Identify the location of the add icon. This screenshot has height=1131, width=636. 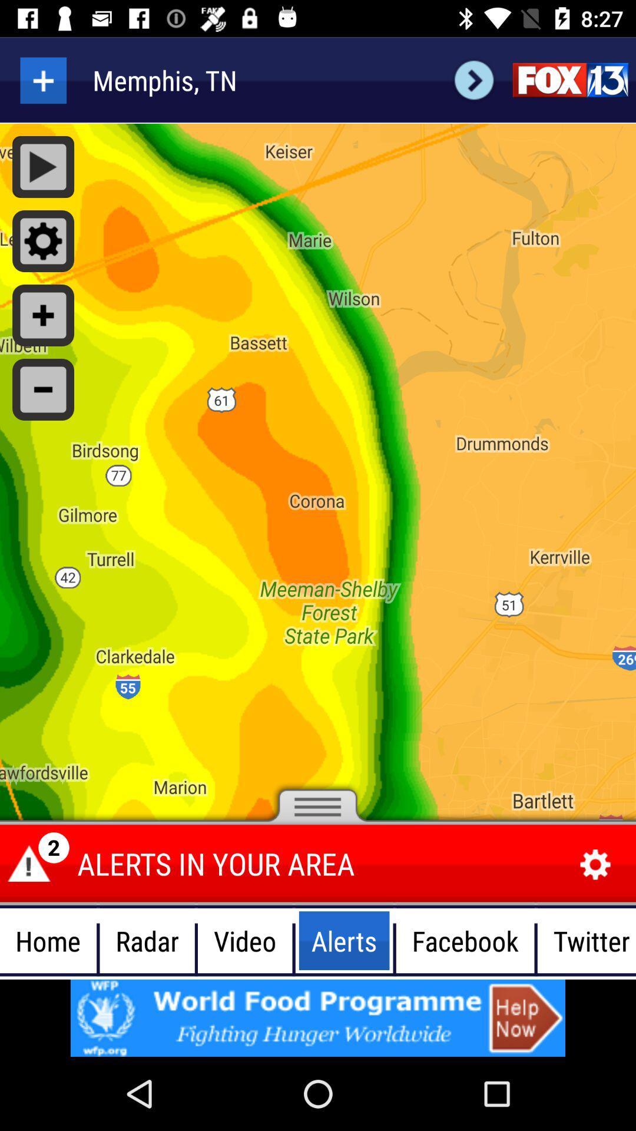
(42, 80).